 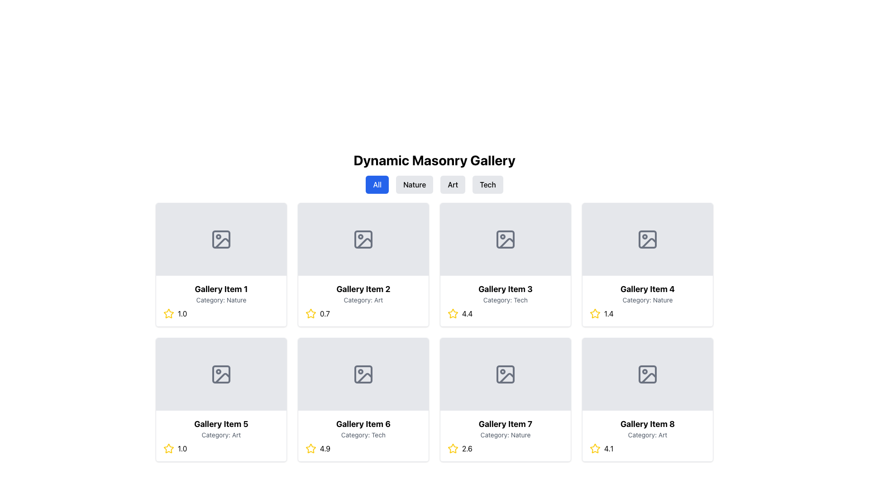 What do you see at coordinates (487, 184) in the screenshot?
I see `the 'Tech' category selector button, which is the fourth button in a horizontal series of category selectors below the title 'Dynamic Masonry Gallery'` at bounding box center [487, 184].